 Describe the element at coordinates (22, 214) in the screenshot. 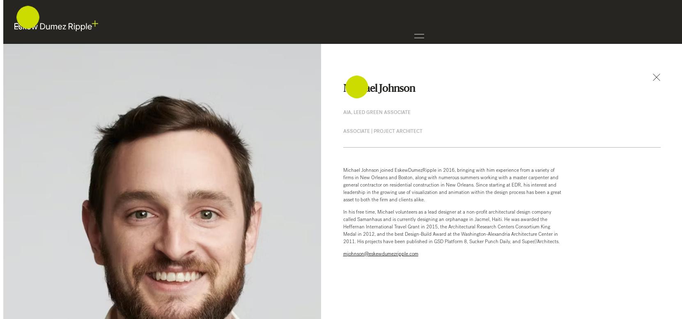

I see `'Address'` at that location.